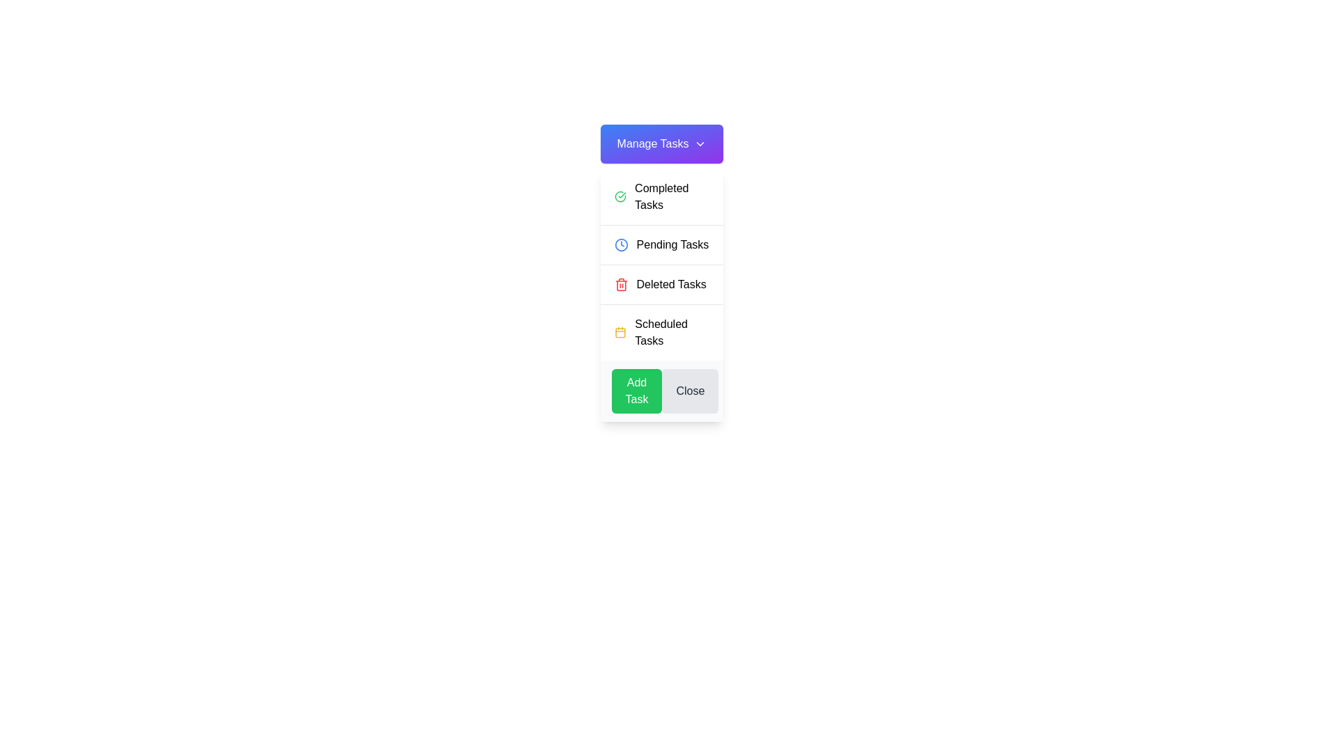  What do you see at coordinates (661, 283) in the screenshot?
I see `the third item in the 'Manage Tasks' dropdown menu` at bounding box center [661, 283].